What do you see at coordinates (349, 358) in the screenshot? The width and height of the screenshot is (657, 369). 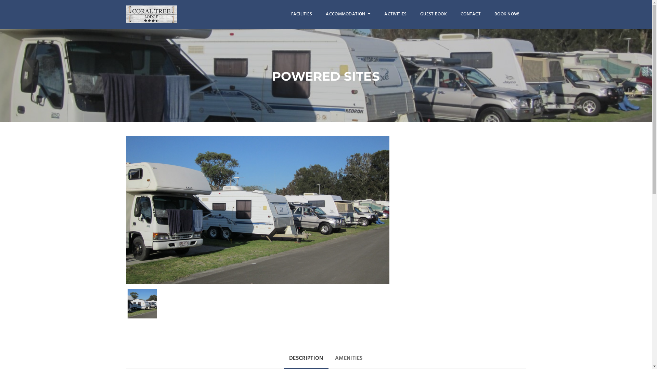 I see `'AMENITIES'` at bounding box center [349, 358].